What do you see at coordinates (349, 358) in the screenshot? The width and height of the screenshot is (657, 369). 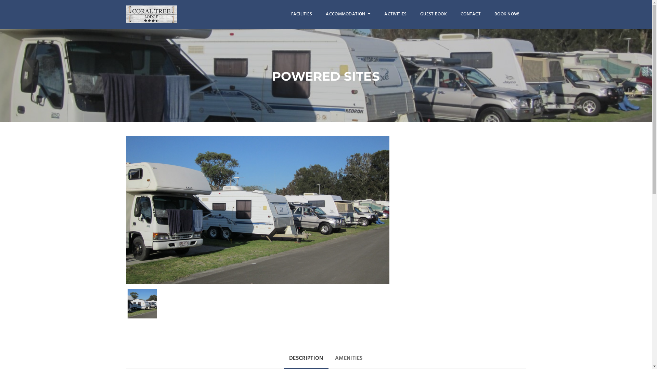 I see `'AMENITIES'` at bounding box center [349, 358].